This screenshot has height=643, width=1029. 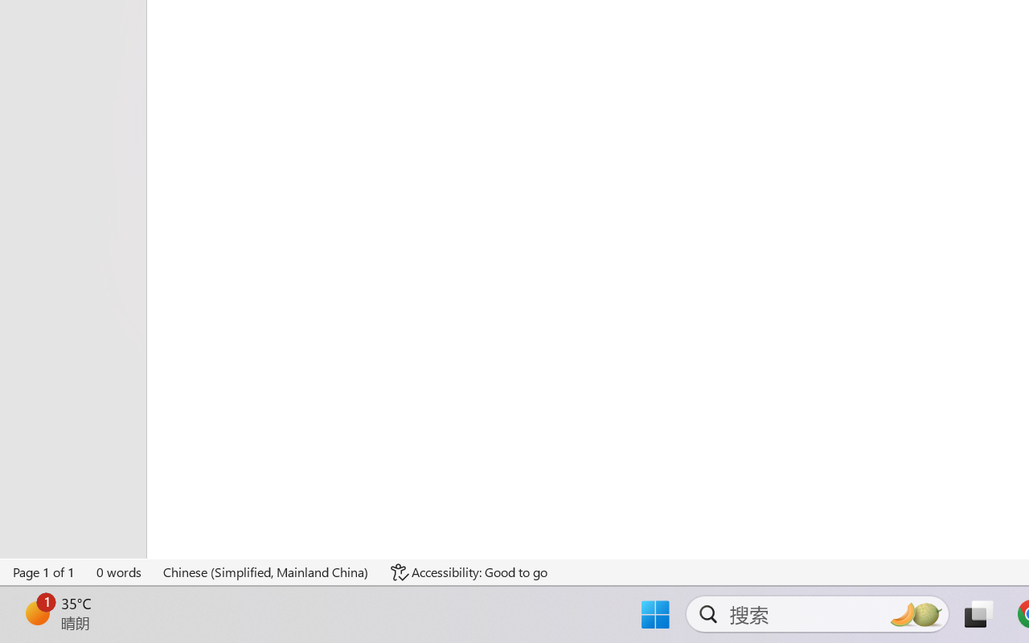 What do you see at coordinates (266, 571) in the screenshot?
I see `'Language Chinese (Simplified, Mainland China)'` at bounding box center [266, 571].